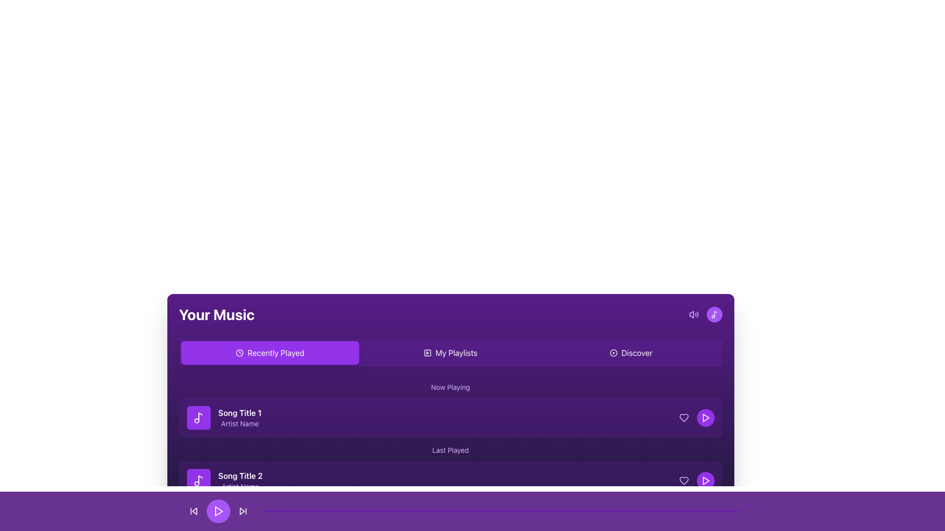 Image resolution: width=945 pixels, height=531 pixels. Describe the element at coordinates (502, 511) in the screenshot. I see `the horizontal progress bar located at the bottom of the layout, which features a thin purple bar with rounded edges and represents progress` at that location.